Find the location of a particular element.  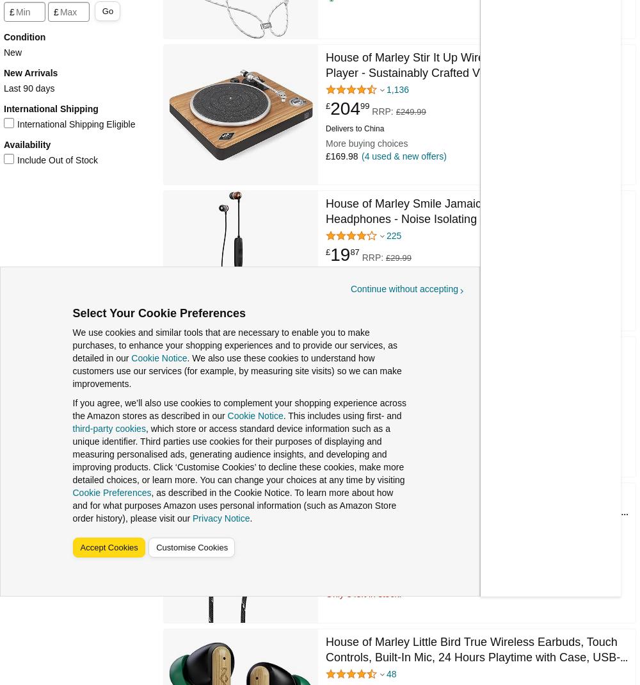

'204' is located at coordinates (345, 108).